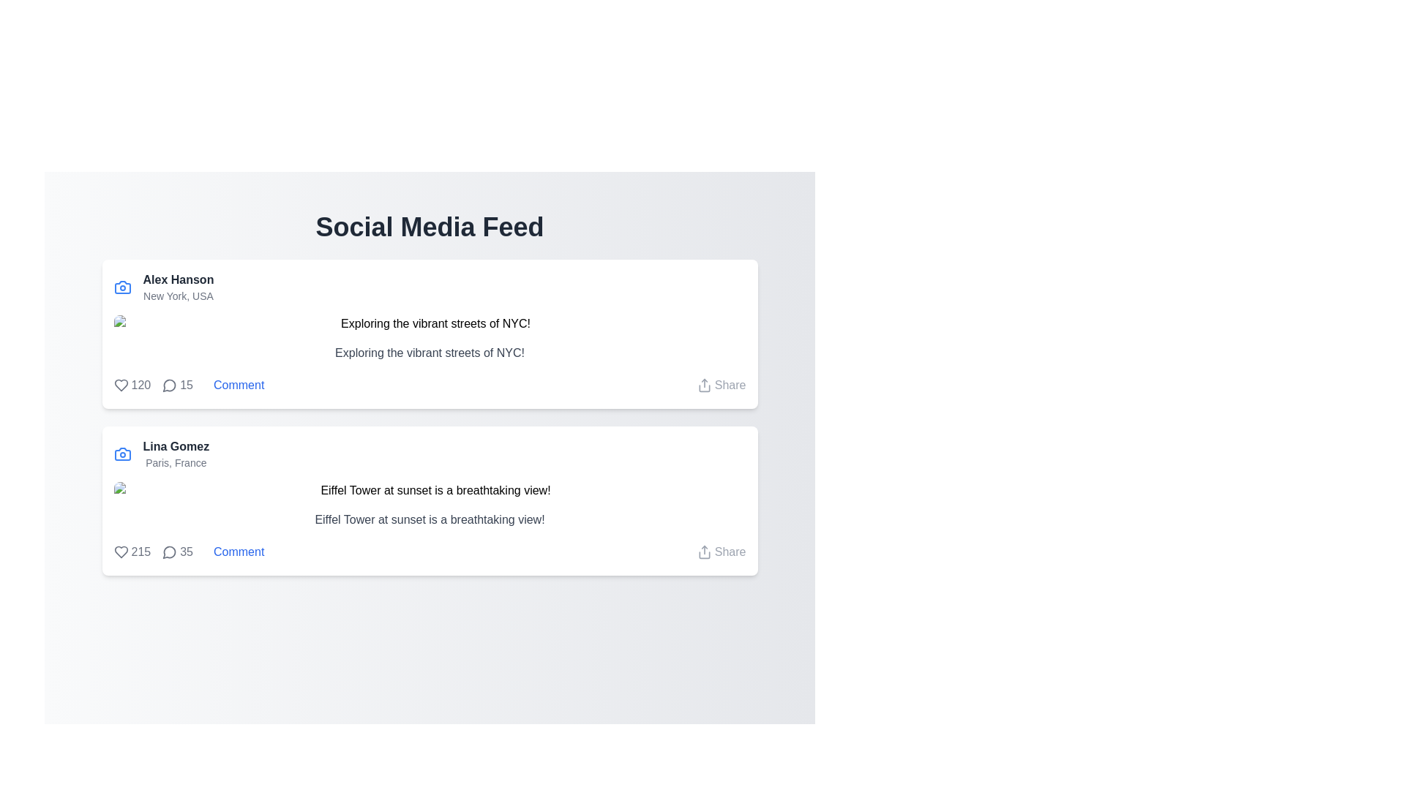 The width and height of the screenshot is (1405, 790). I want to click on the sharing icon located to the left of the 'Share' text label at the bottom right of the second post in the social media feed, so click(704, 552).